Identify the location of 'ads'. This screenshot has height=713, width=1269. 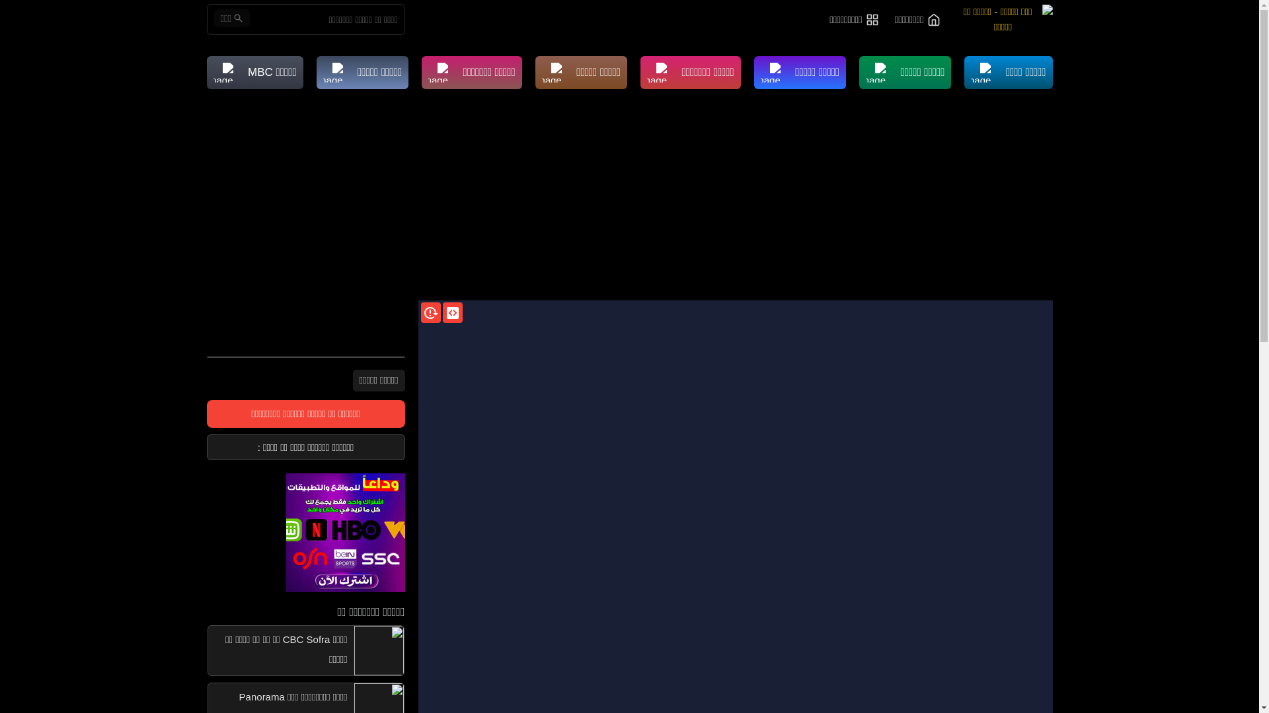
(345, 531).